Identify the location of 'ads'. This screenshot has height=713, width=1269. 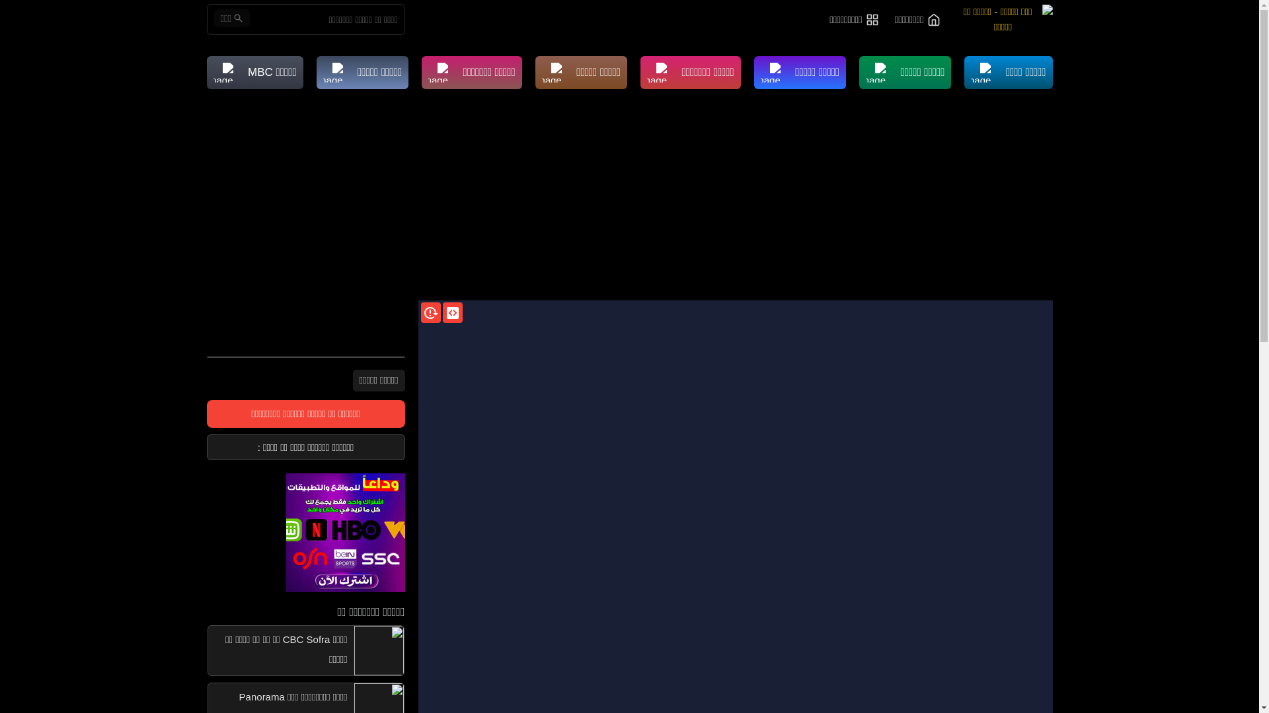
(345, 531).